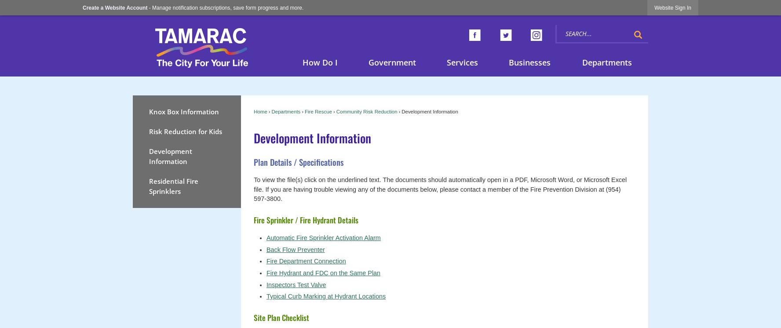 This screenshot has height=328, width=781. What do you see at coordinates (173, 186) in the screenshot?
I see `'Residential Fire Sprinklers'` at bounding box center [173, 186].